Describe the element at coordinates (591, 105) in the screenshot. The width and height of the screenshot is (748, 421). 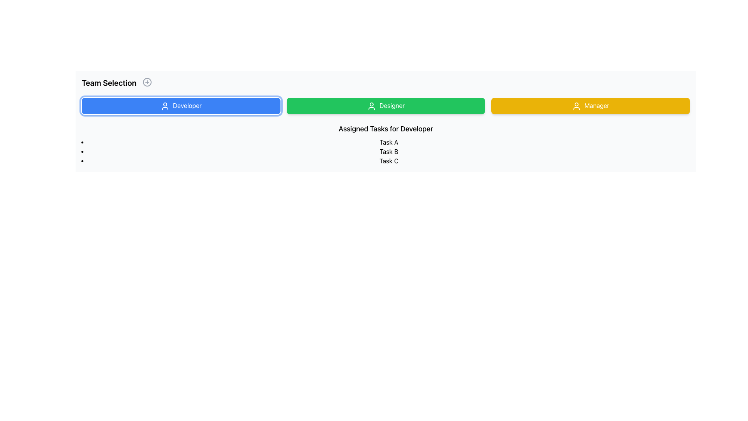
I see `the 'Manager' role selection button, the third button in a row of three` at that location.